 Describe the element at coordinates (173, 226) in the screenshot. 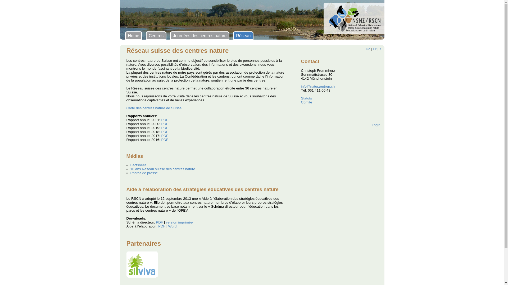

I see `'Word'` at that location.